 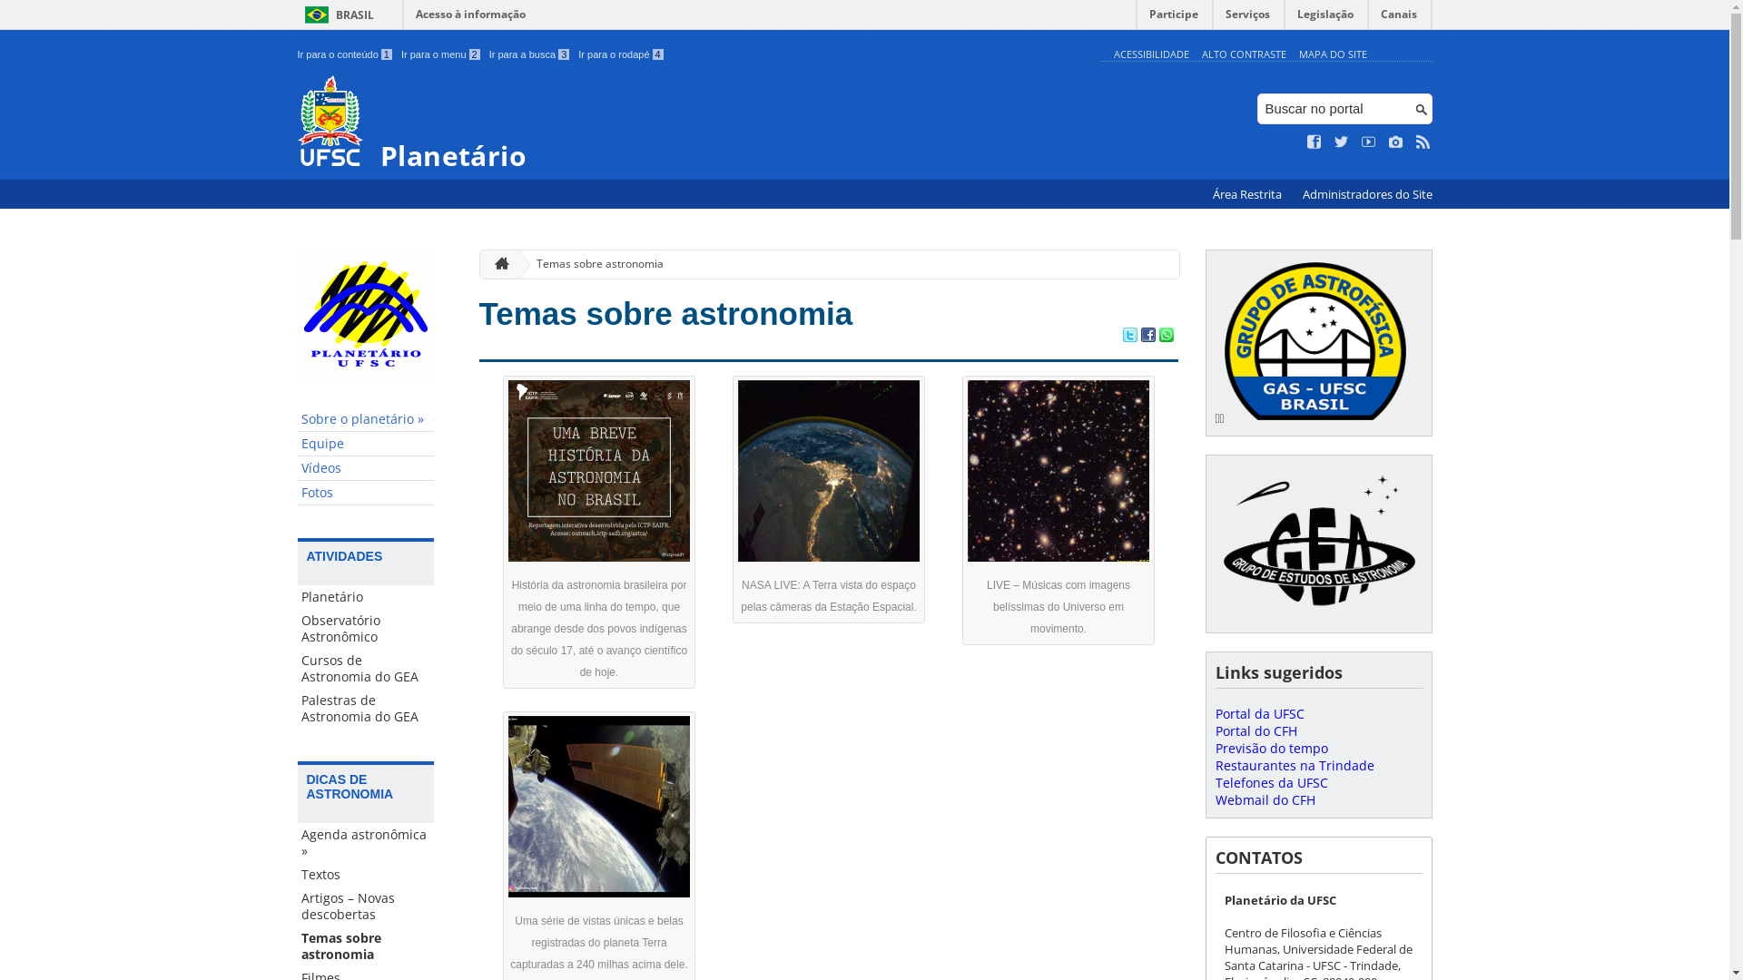 I want to click on 'Compartilhar no WhatsApp', so click(x=1157, y=336).